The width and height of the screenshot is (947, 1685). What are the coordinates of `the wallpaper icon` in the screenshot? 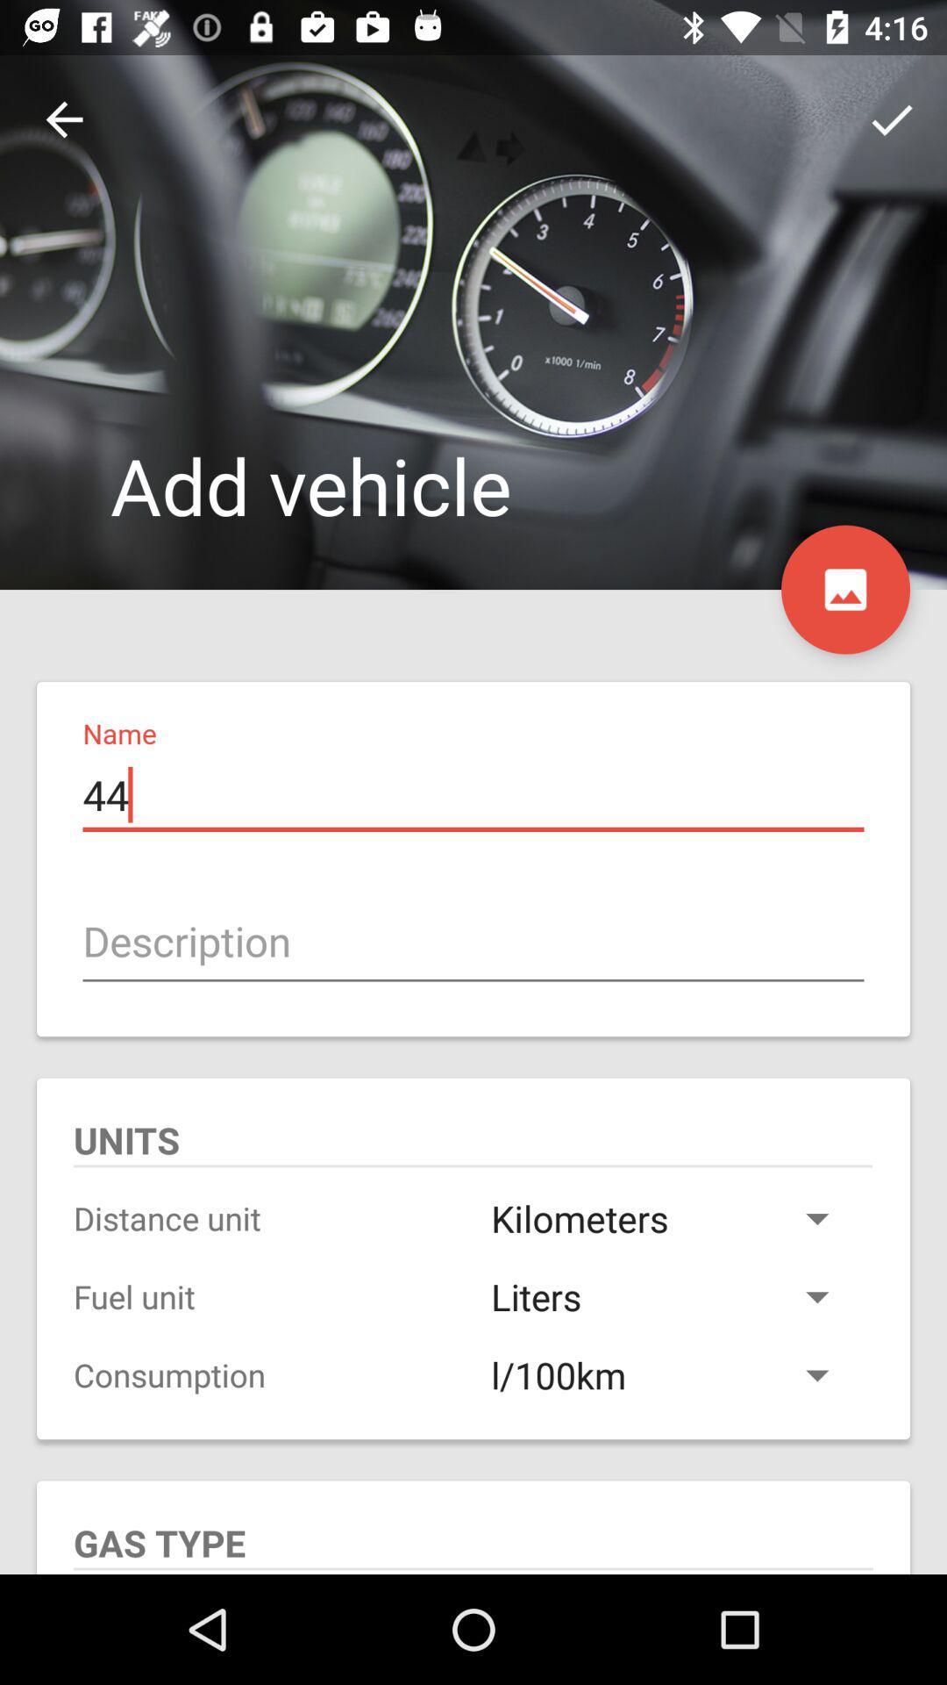 It's located at (844, 590).